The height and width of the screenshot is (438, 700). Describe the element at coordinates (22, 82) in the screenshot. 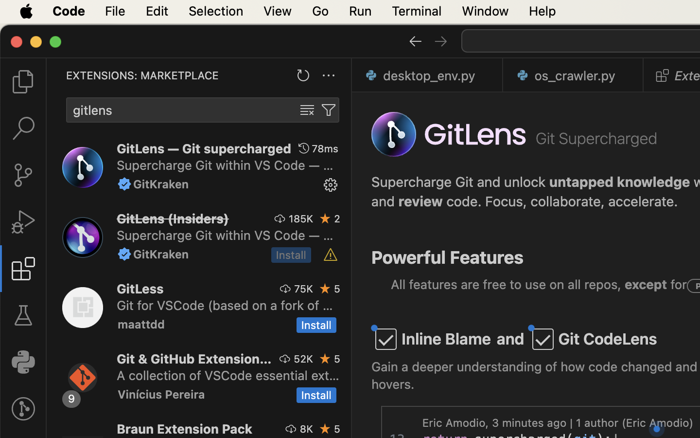

I see `''` at that location.